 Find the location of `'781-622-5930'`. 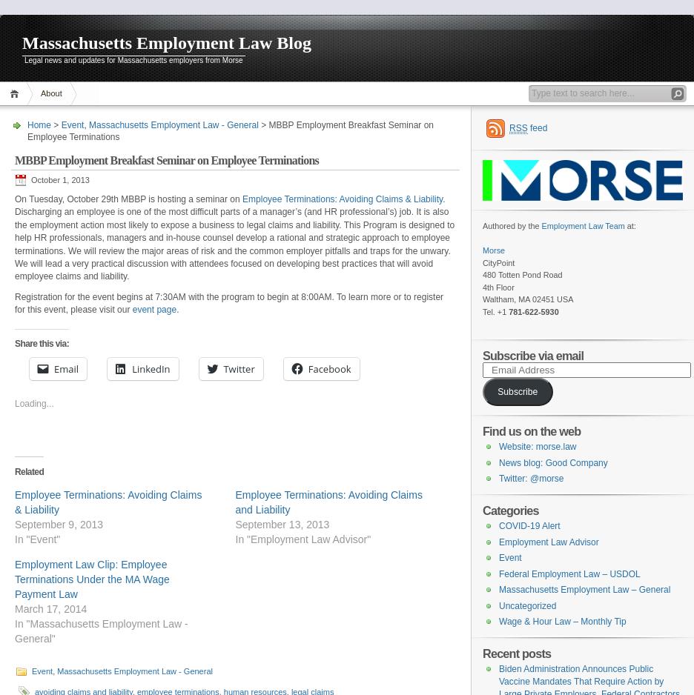

'781-622-5930' is located at coordinates (532, 311).